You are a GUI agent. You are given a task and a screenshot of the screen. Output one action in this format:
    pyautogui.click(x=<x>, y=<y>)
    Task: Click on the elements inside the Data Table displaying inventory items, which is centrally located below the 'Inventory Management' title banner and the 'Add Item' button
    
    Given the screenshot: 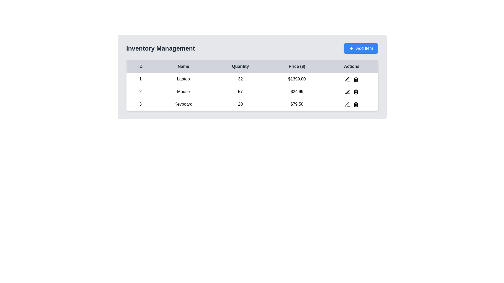 What is the action you would take?
    pyautogui.click(x=252, y=85)
    